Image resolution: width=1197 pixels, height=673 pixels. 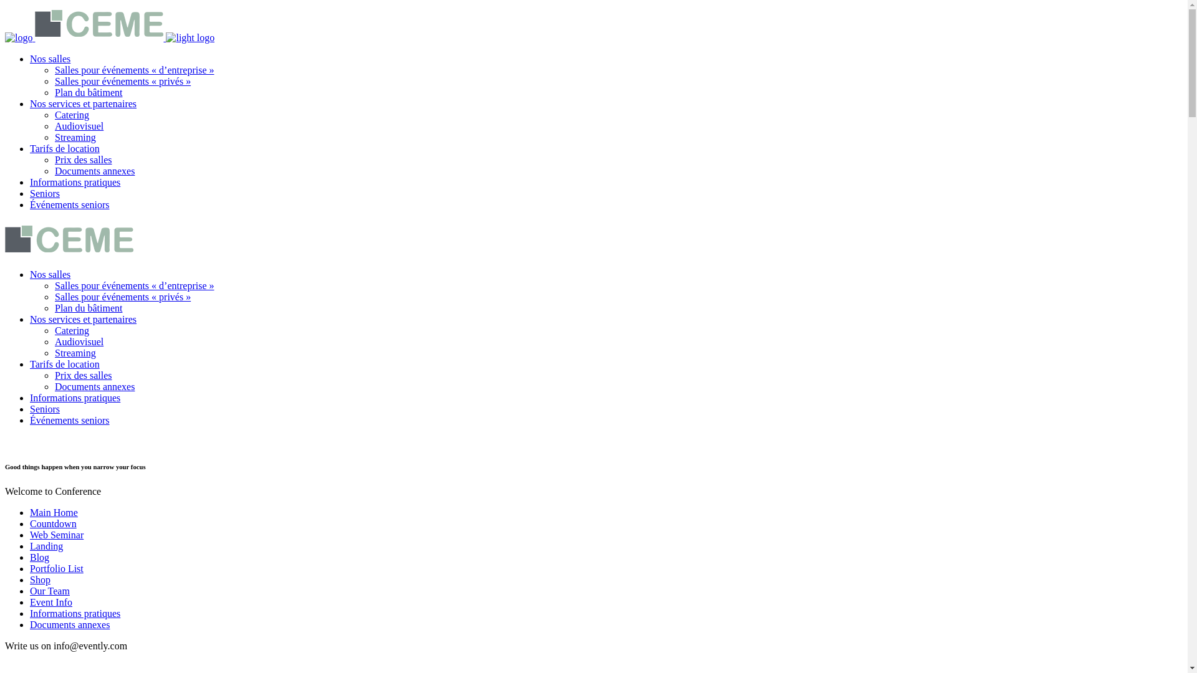 I want to click on 'Countdown', so click(x=52, y=523).